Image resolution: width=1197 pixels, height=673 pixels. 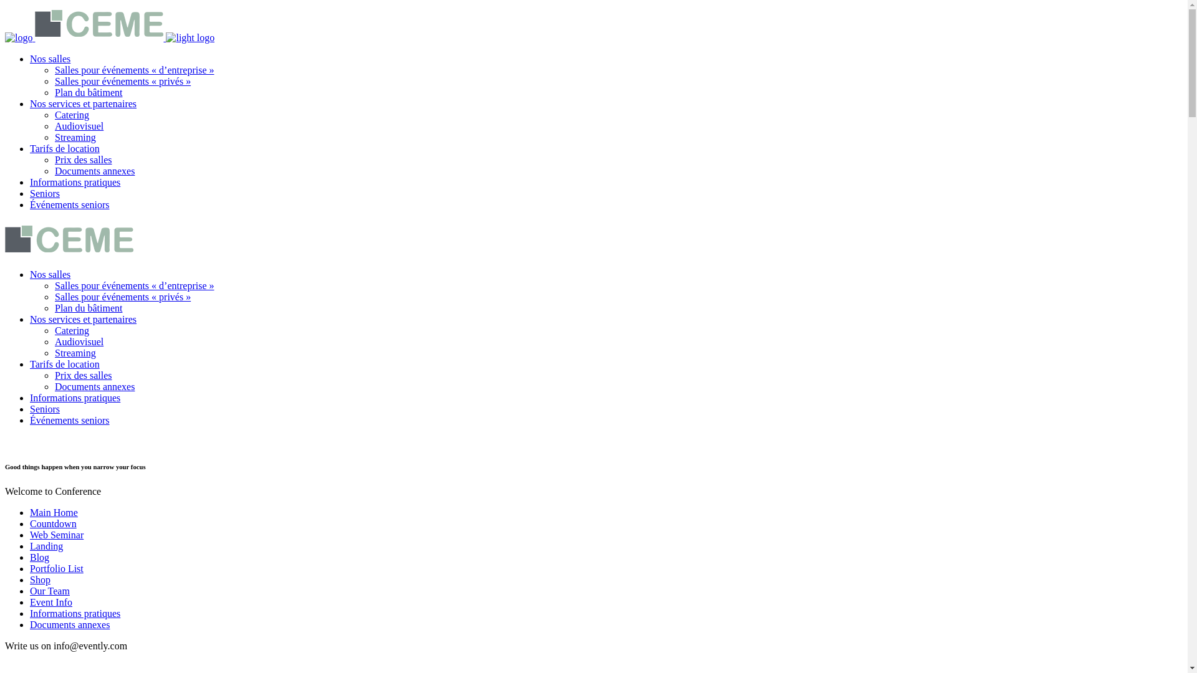 I want to click on 'Countdown', so click(x=52, y=523).